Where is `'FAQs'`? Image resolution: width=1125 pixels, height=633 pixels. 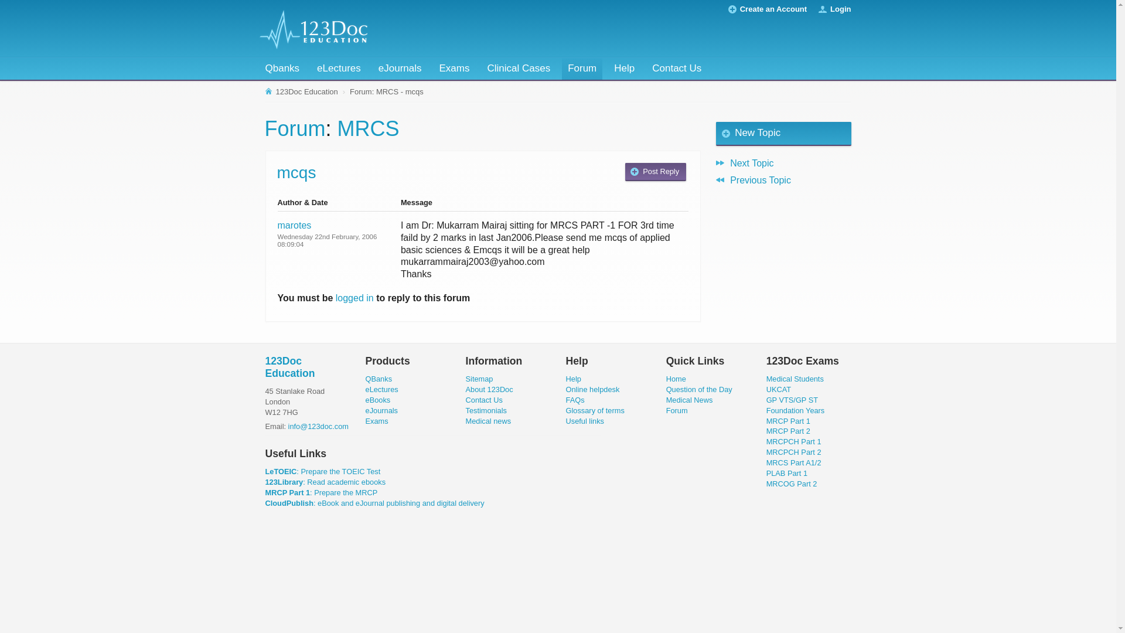 'FAQs' is located at coordinates (575, 399).